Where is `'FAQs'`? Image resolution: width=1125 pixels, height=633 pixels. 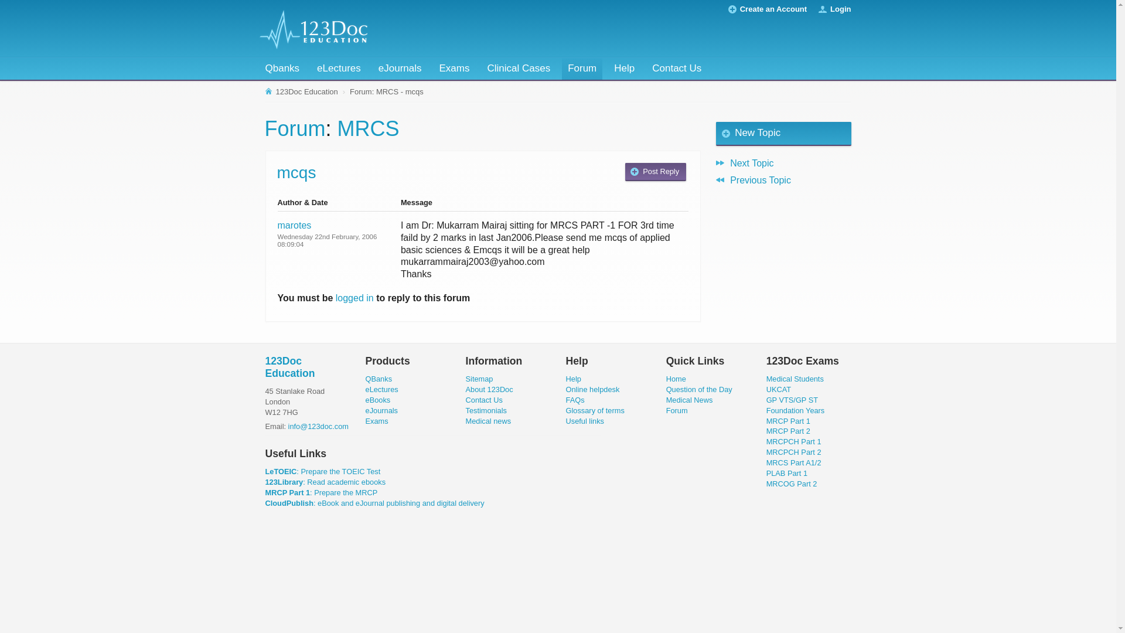 'FAQs' is located at coordinates (575, 399).